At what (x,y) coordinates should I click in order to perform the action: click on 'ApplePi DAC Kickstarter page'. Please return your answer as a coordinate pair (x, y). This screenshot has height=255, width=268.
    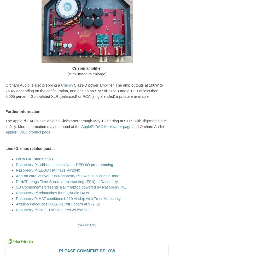
    Looking at the image, I should click on (106, 126).